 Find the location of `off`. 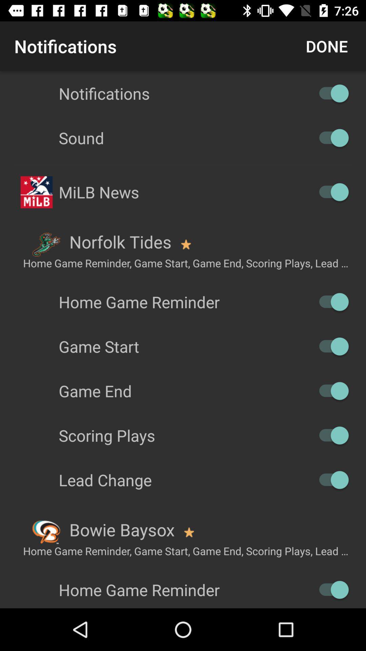

off is located at coordinates (330, 346).